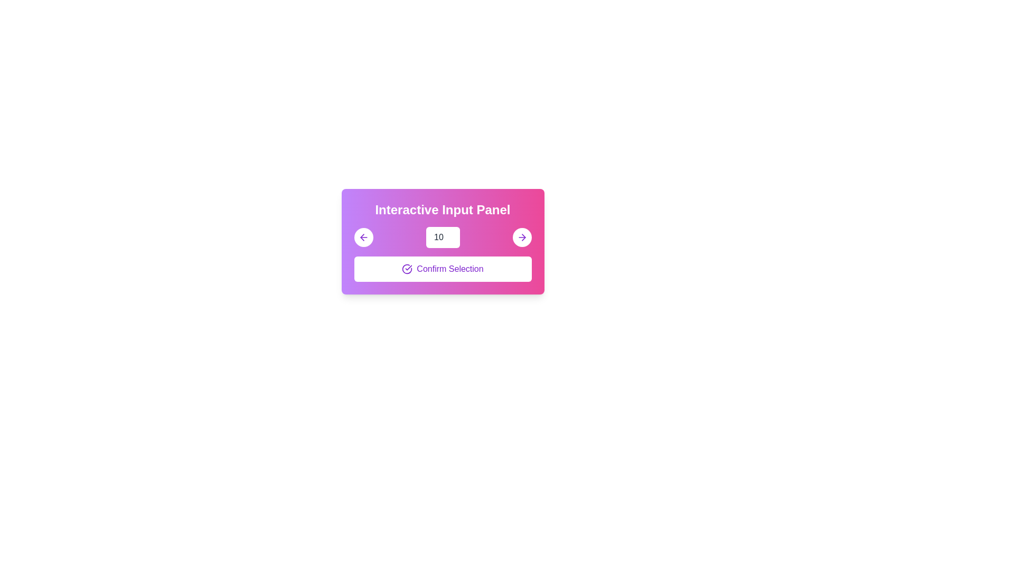  Describe the element at coordinates (362, 237) in the screenshot. I see `the left circular button containing the inner graphical icon that conveys backward functionality` at that location.